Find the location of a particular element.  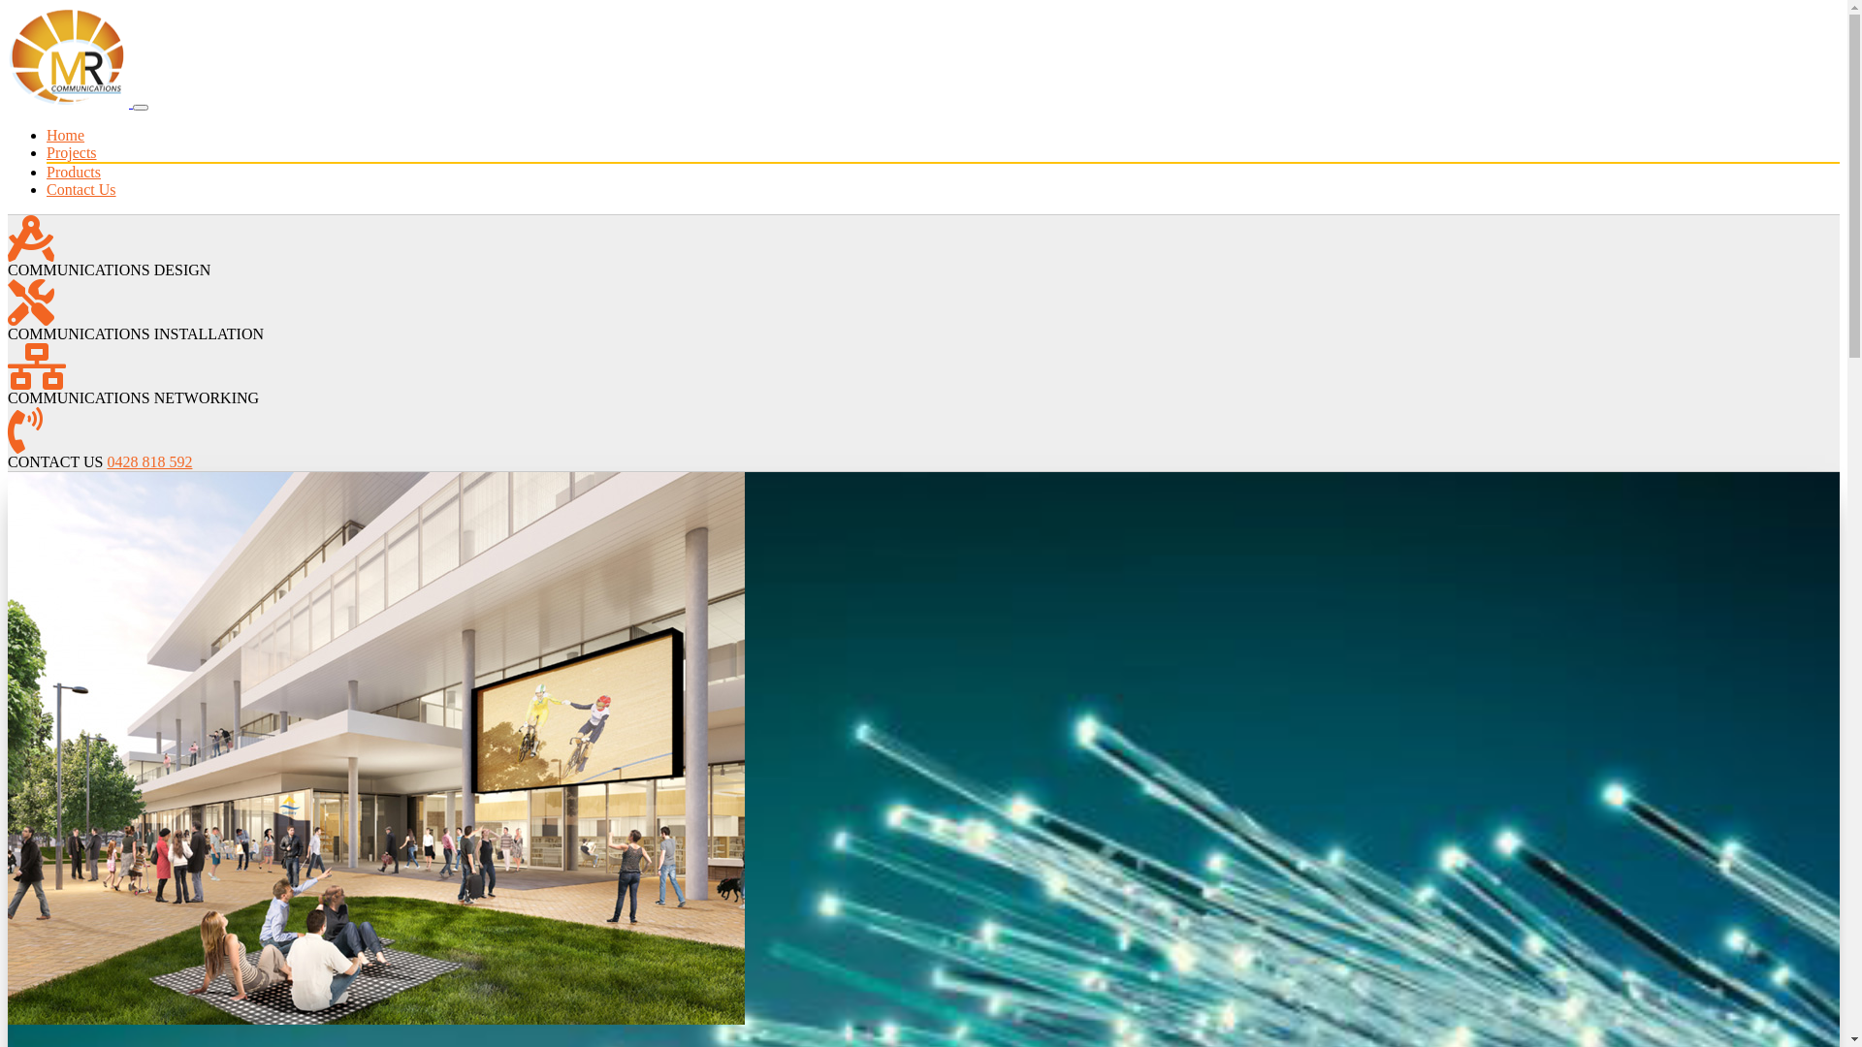

'Products' is located at coordinates (74, 171).